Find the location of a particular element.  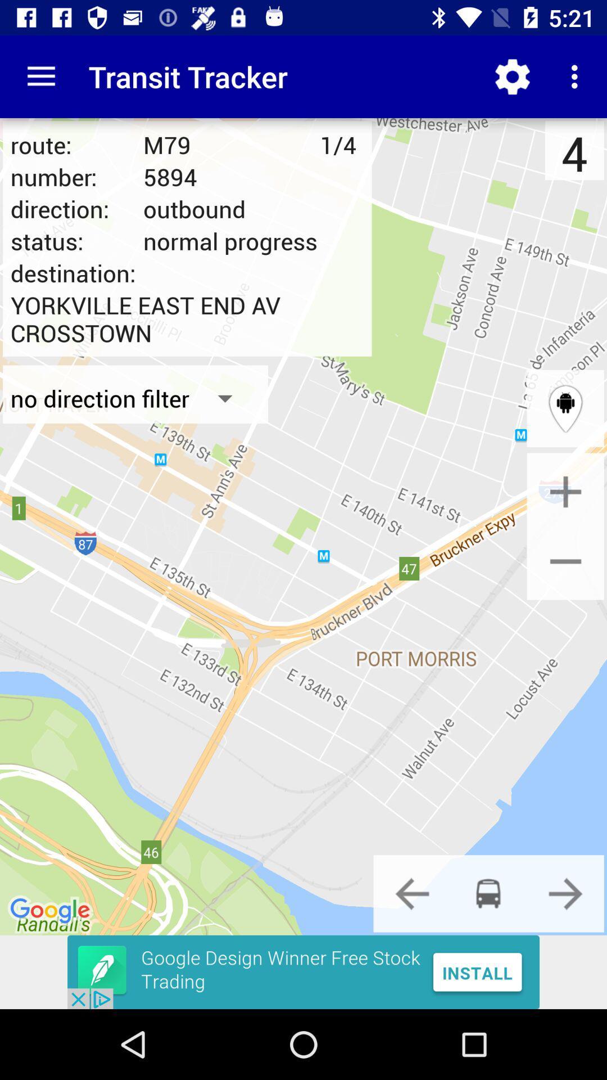

change view on a map is located at coordinates (565, 408).